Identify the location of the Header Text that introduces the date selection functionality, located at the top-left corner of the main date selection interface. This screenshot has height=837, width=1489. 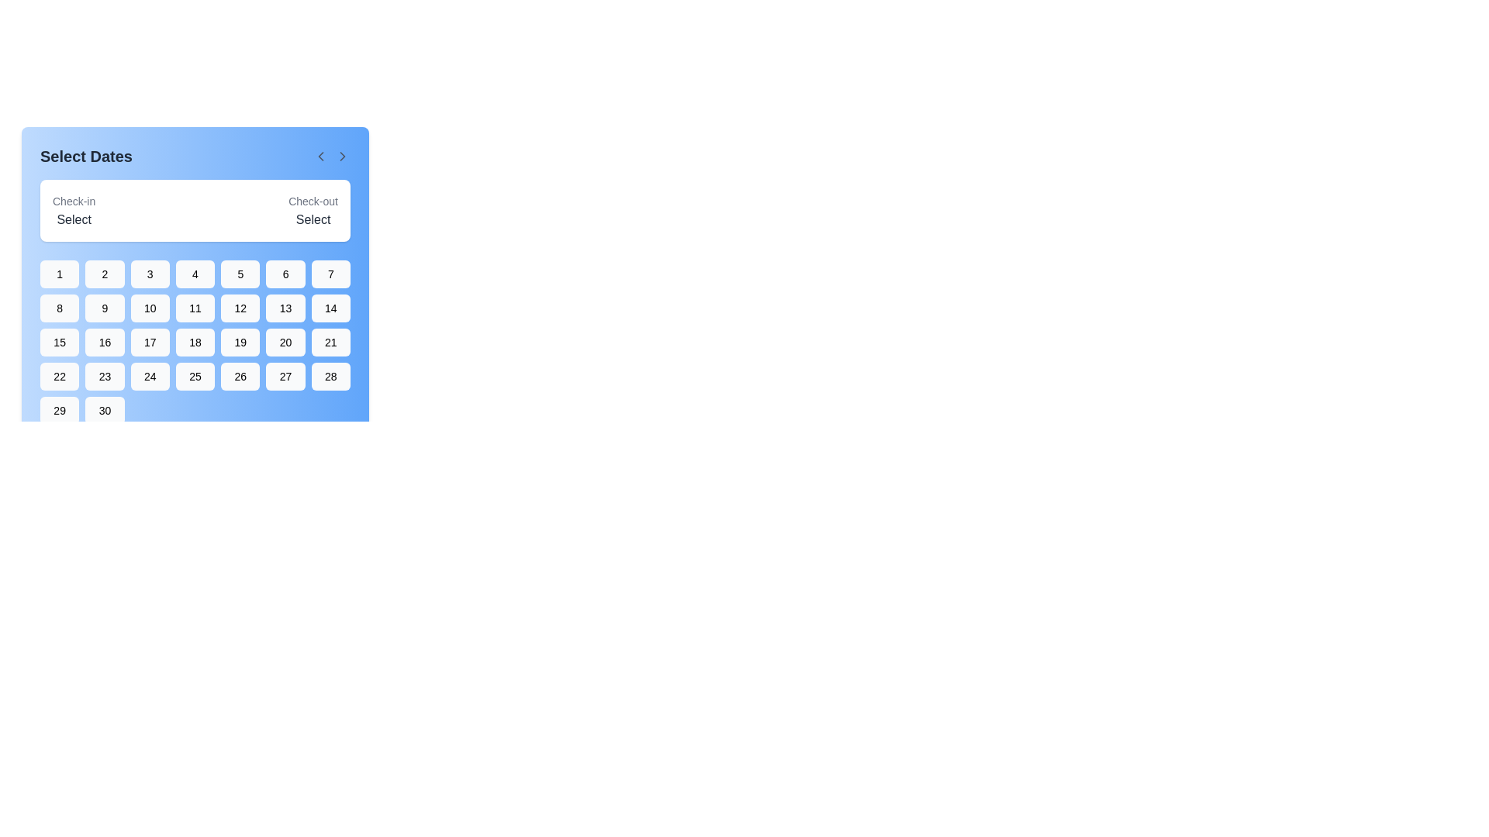
(85, 156).